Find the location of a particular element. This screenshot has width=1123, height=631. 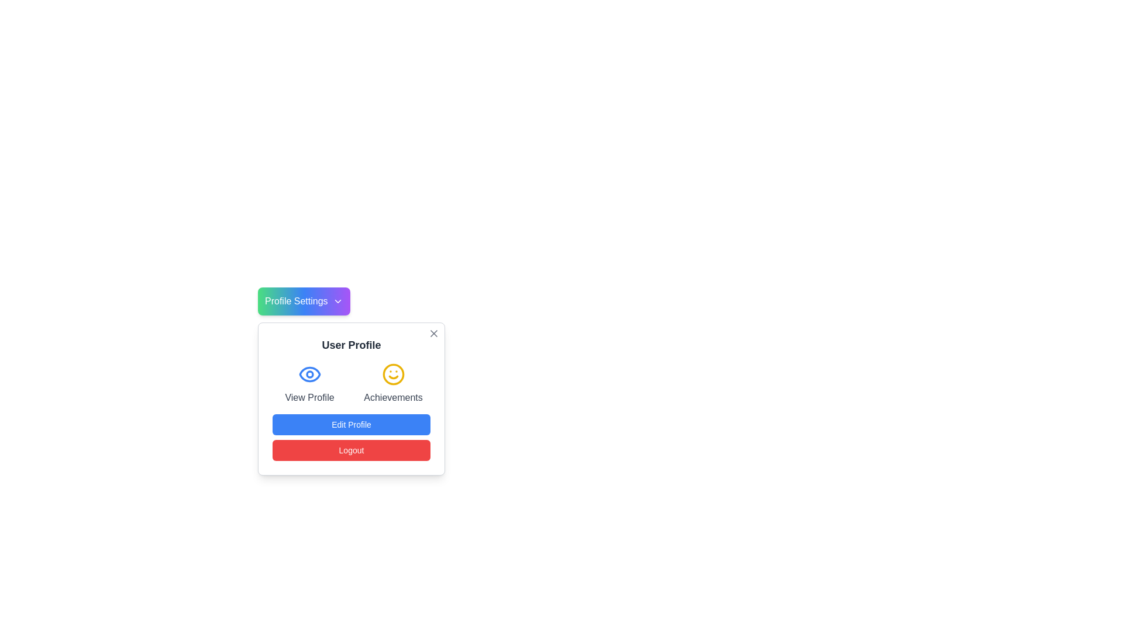

the blue outer segment of the eye-shaped icon located on the left side of the pop-up dialog box in the 'User Profile' section, positioned above 'View Profile' is located at coordinates (309, 374).